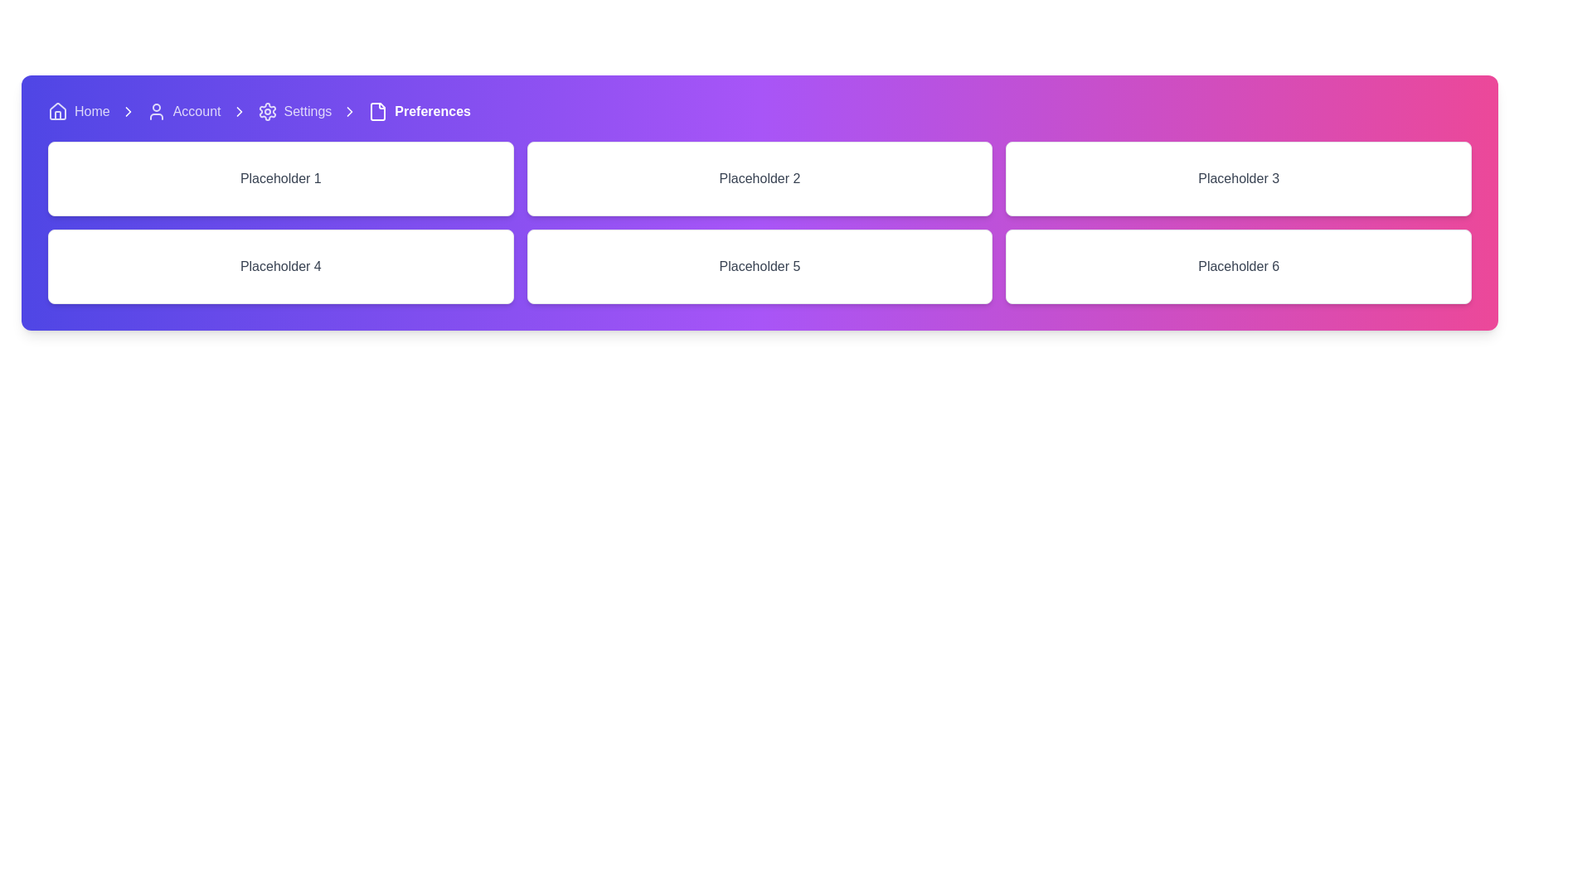  What do you see at coordinates (377, 112) in the screenshot?
I see `the rectangular icon resembling a file or document in the breadcrumb navigation bar` at bounding box center [377, 112].